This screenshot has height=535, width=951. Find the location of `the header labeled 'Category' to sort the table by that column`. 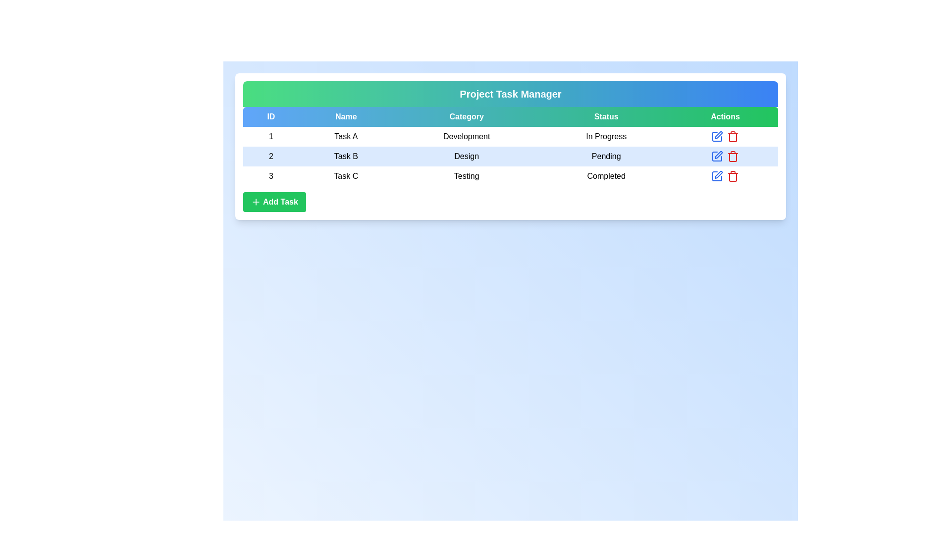

the header labeled 'Category' to sort the table by that column is located at coordinates (466, 116).